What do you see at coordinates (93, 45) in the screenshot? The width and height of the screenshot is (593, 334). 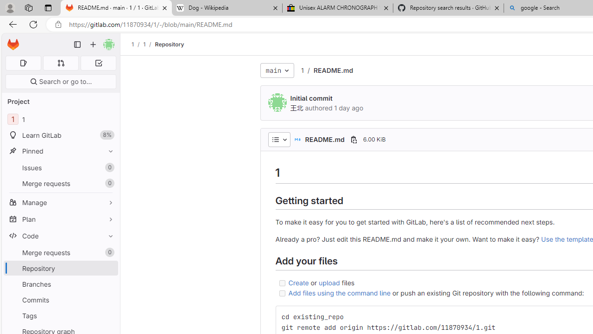 I see `'Create new...'` at bounding box center [93, 45].